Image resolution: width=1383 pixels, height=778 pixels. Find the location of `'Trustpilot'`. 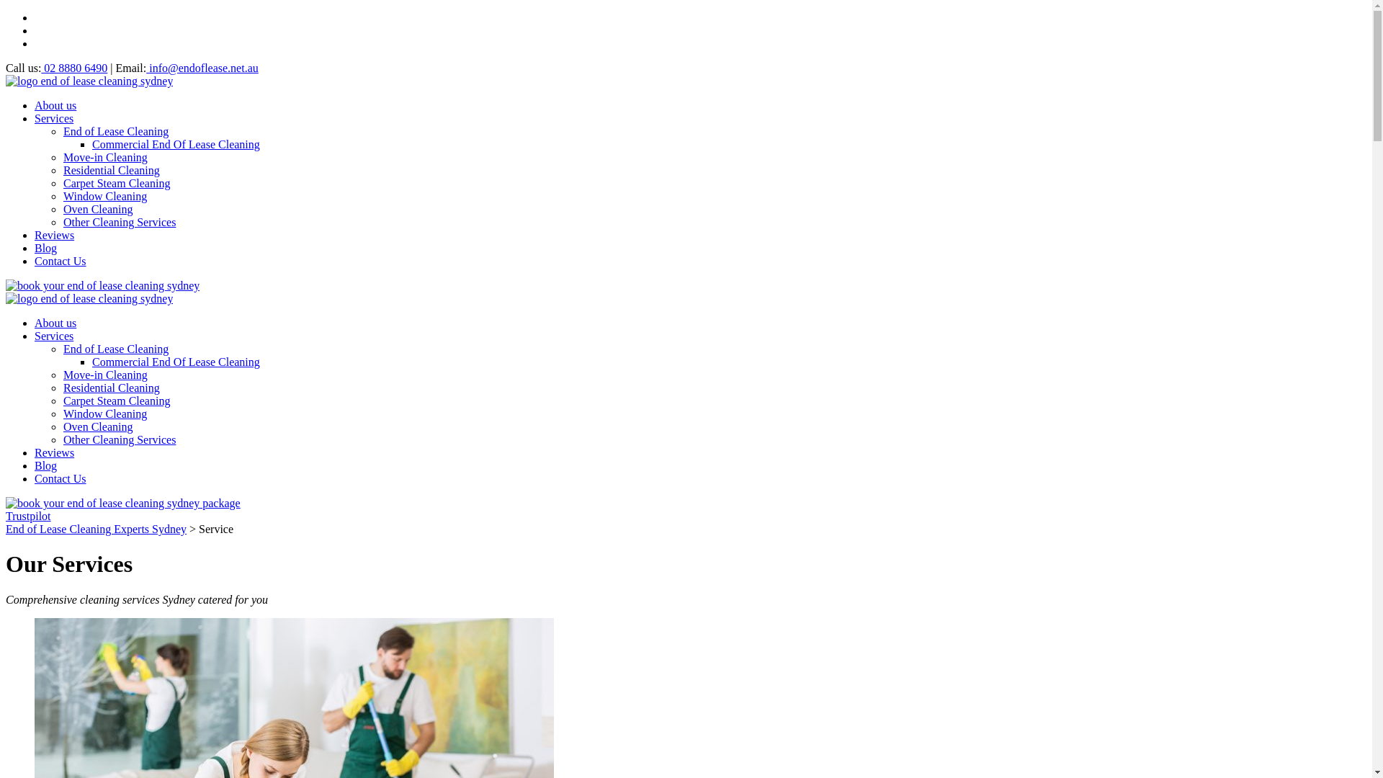

'Trustpilot' is located at coordinates (28, 515).